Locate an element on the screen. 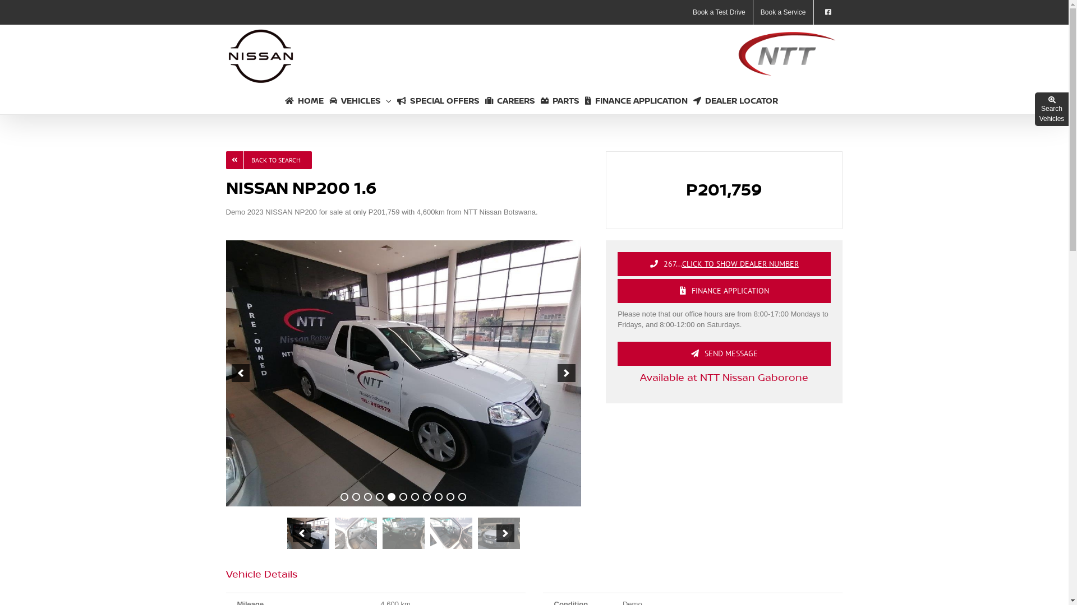  '267...CLICK TO SHOW DEALER NUMBER' is located at coordinates (724, 264).